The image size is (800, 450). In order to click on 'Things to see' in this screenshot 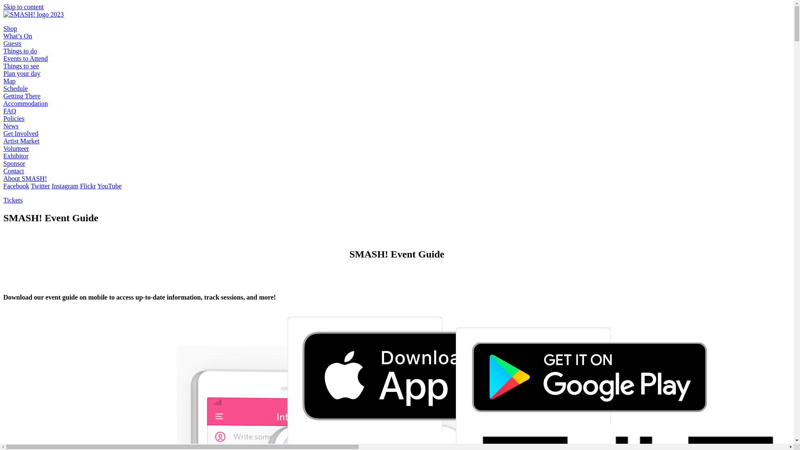, I will do `click(21, 65)`.